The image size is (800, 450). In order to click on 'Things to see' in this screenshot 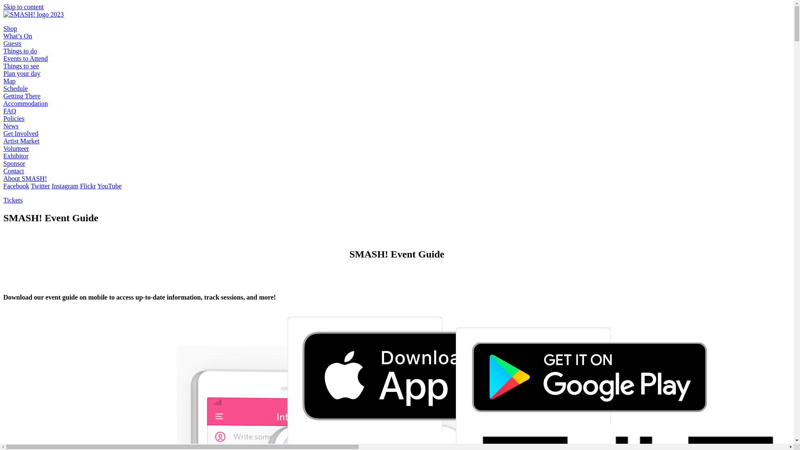, I will do `click(21, 65)`.